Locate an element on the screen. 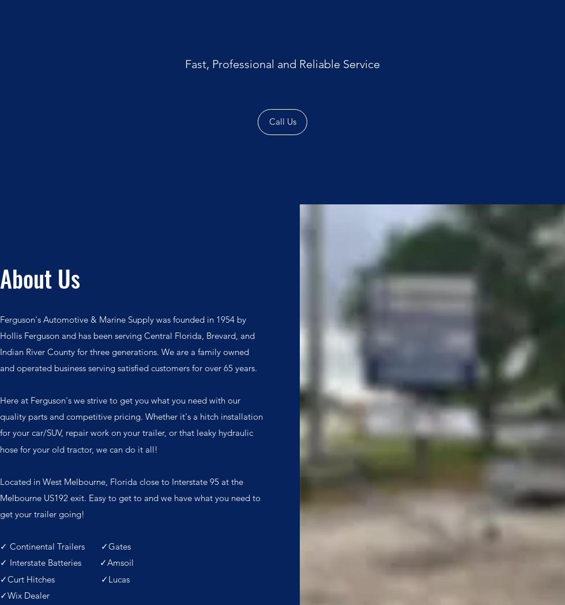 The width and height of the screenshot is (565, 605). '✓ Continental Trailers       ✓Gates' is located at coordinates (65, 546).